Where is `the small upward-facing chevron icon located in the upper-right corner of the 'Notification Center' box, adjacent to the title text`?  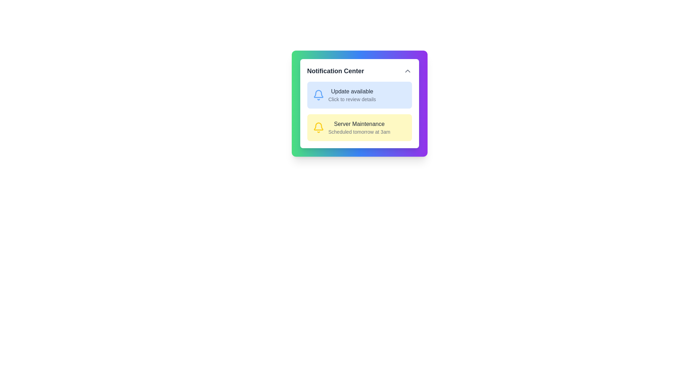 the small upward-facing chevron icon located in the upper-right corner of the 'Notification Center' box, adjacent to the title text is located at coordinates (407, 71).